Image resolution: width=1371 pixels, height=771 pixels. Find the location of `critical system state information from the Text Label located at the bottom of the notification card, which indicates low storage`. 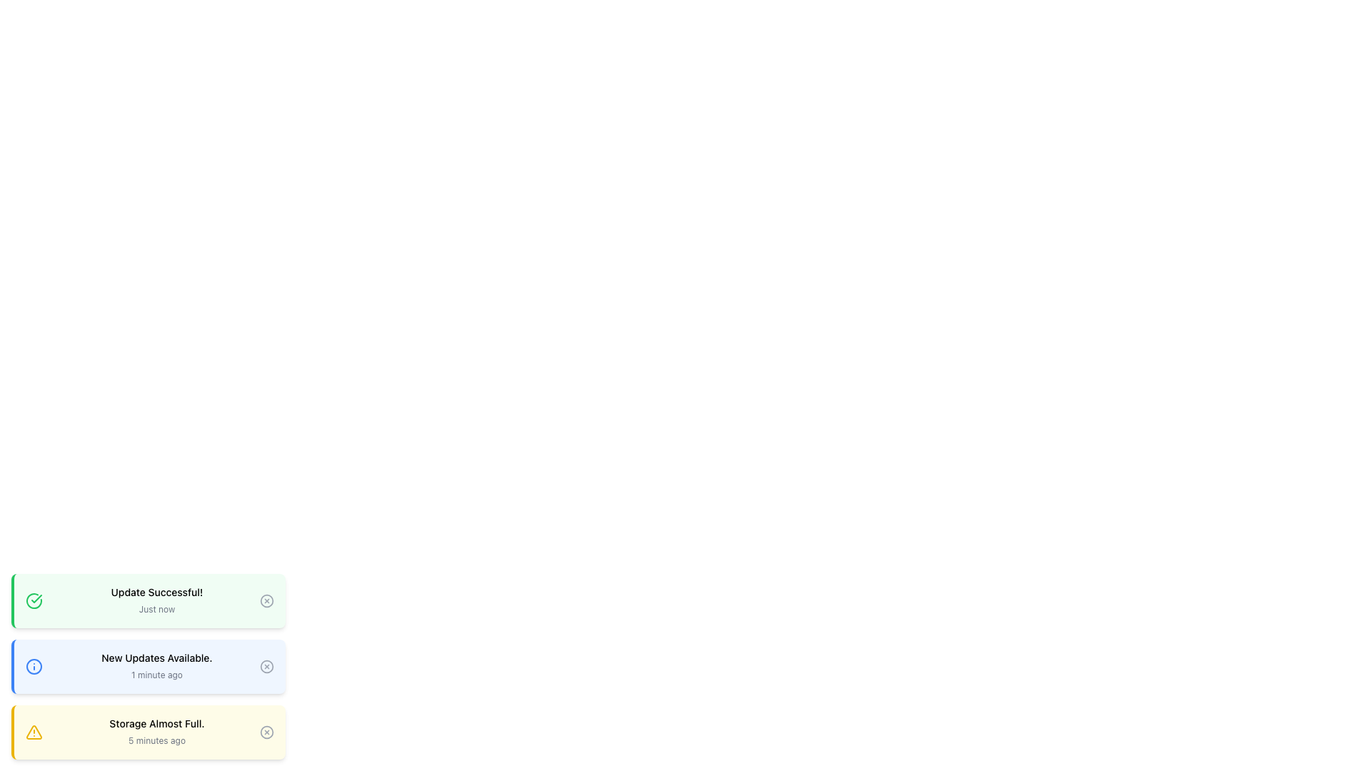

critical system state information from the Text Label located at the bottom of the notification card, which indicates low storage is located at coordinates (157, 724).